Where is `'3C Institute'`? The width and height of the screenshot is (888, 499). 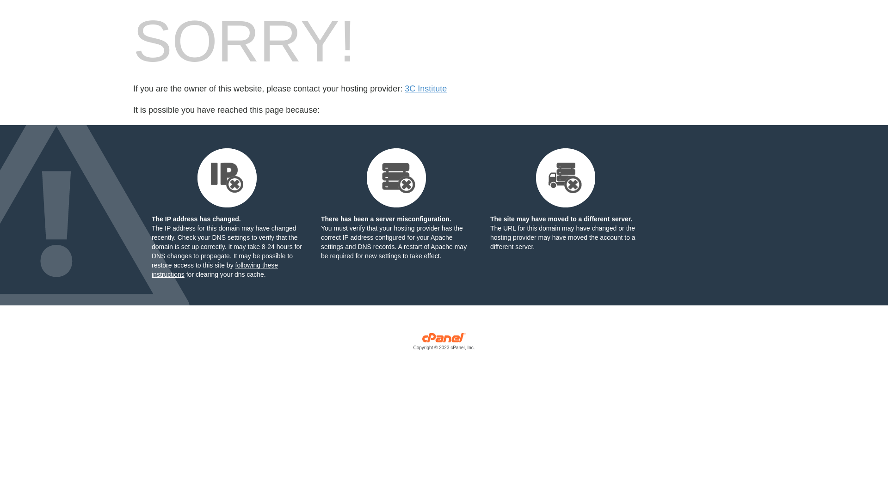
'3C Institute' is located at coordinates (425, 89).